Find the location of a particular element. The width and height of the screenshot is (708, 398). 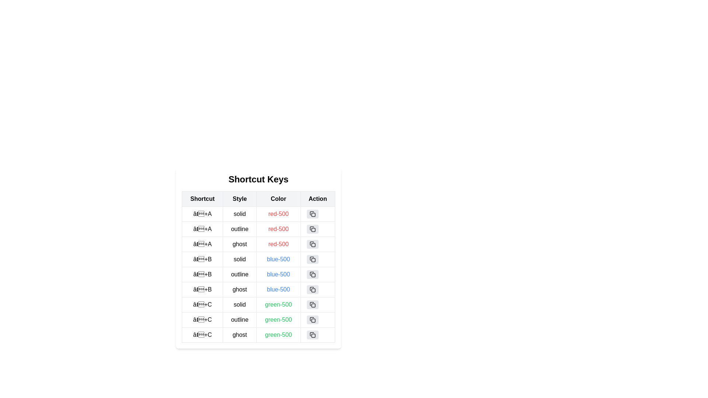

the copy button in the 'Action' column for the row corresponding to 'solid blue-500' is located at coordinates (312, 259).